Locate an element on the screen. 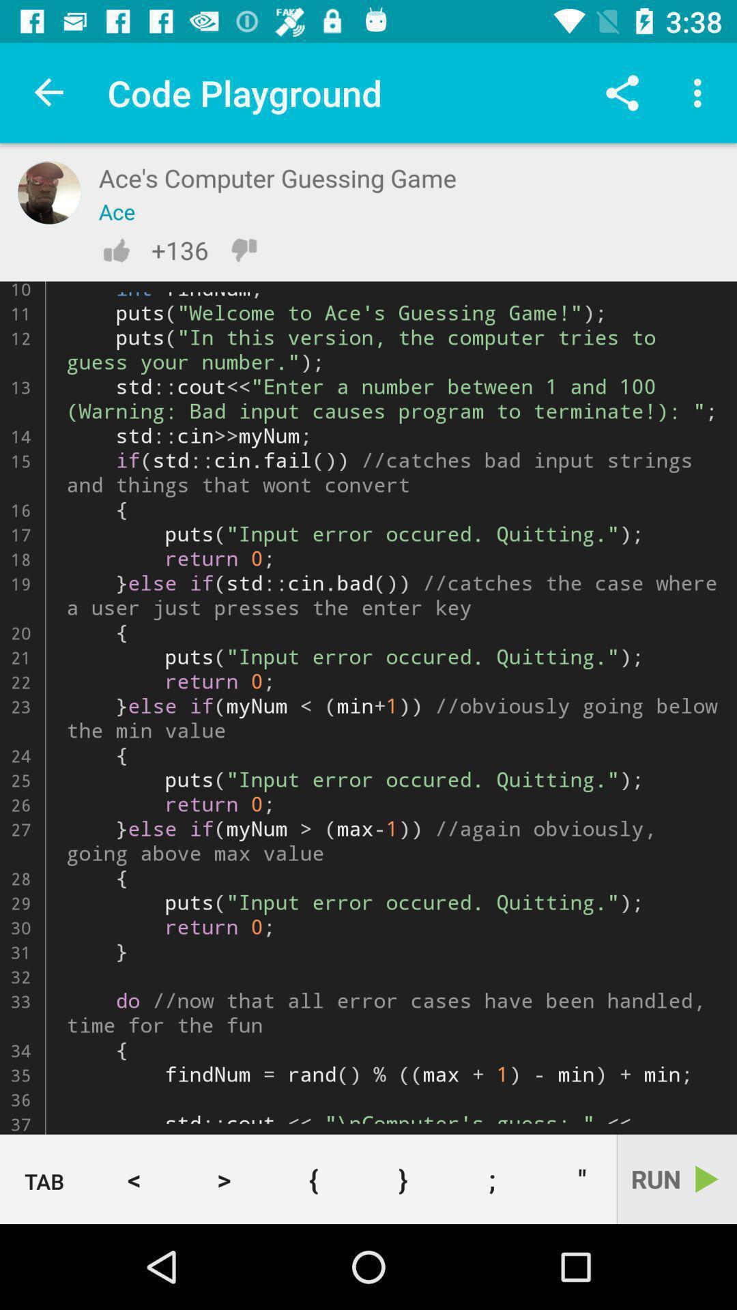 This screenshot has height=1310, width=737. down vote this code is located at coordinates (243, 250).